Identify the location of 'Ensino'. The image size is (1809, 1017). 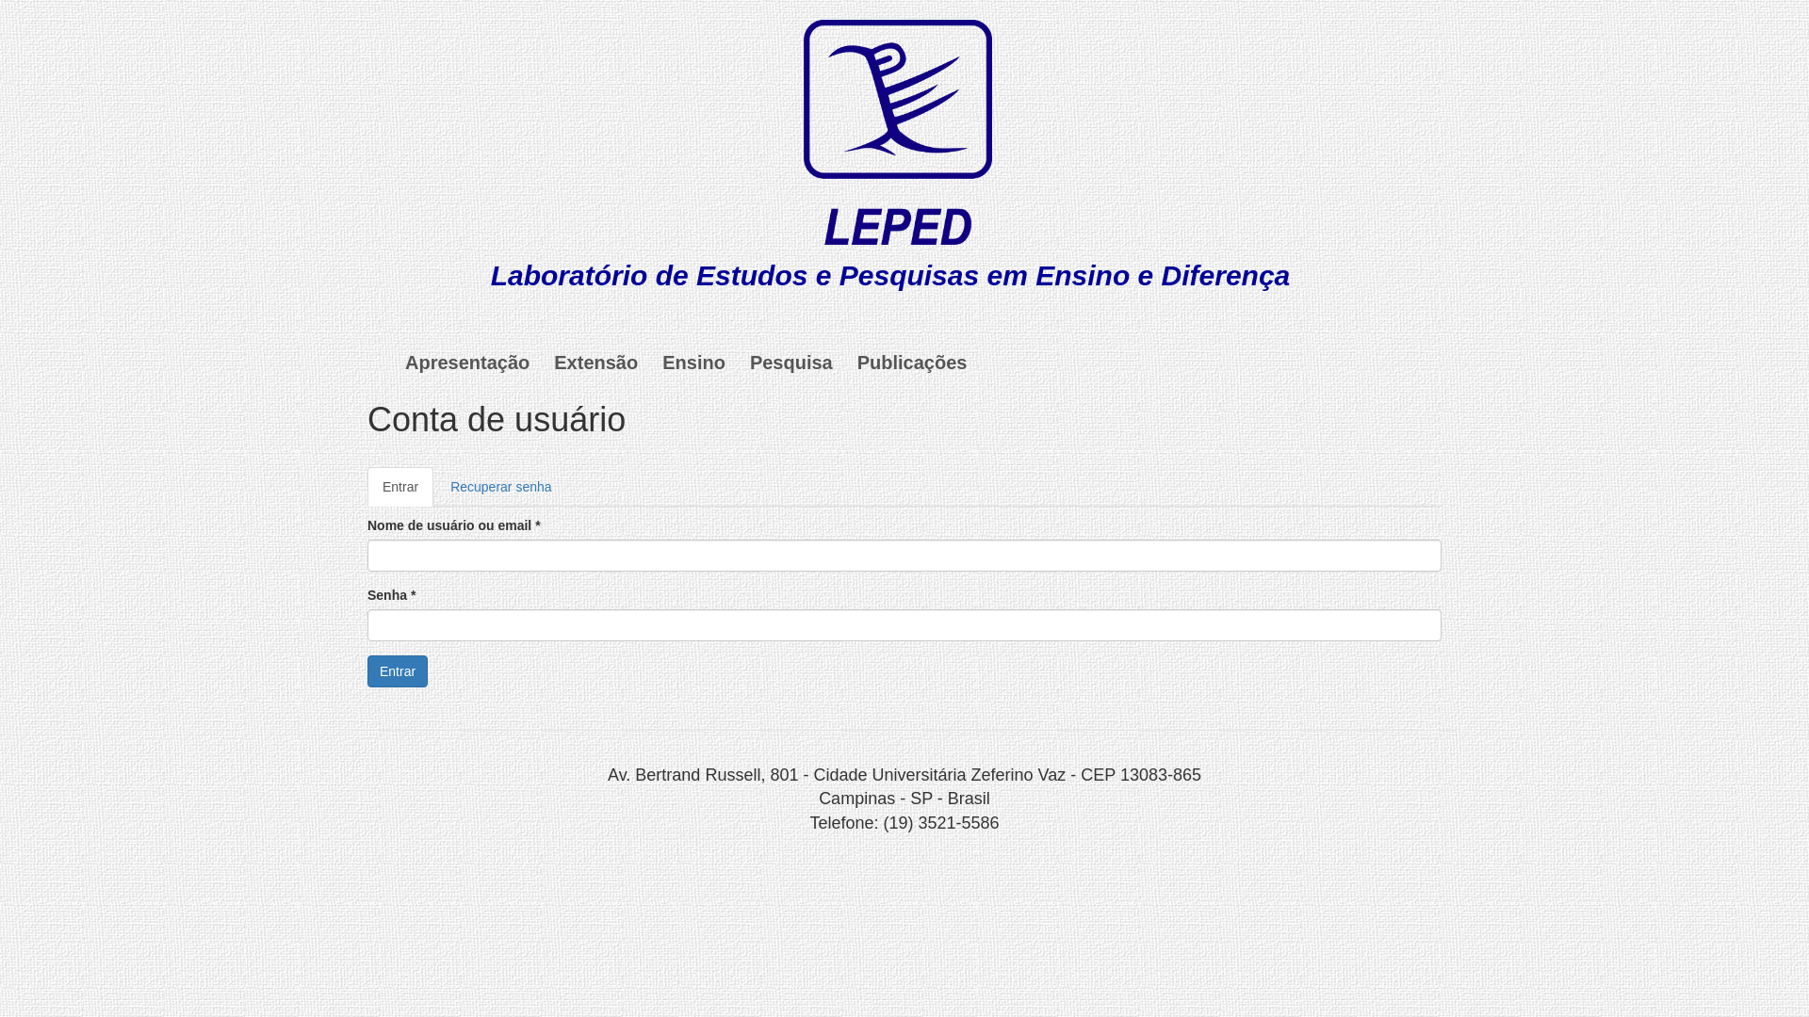
(693, 363).